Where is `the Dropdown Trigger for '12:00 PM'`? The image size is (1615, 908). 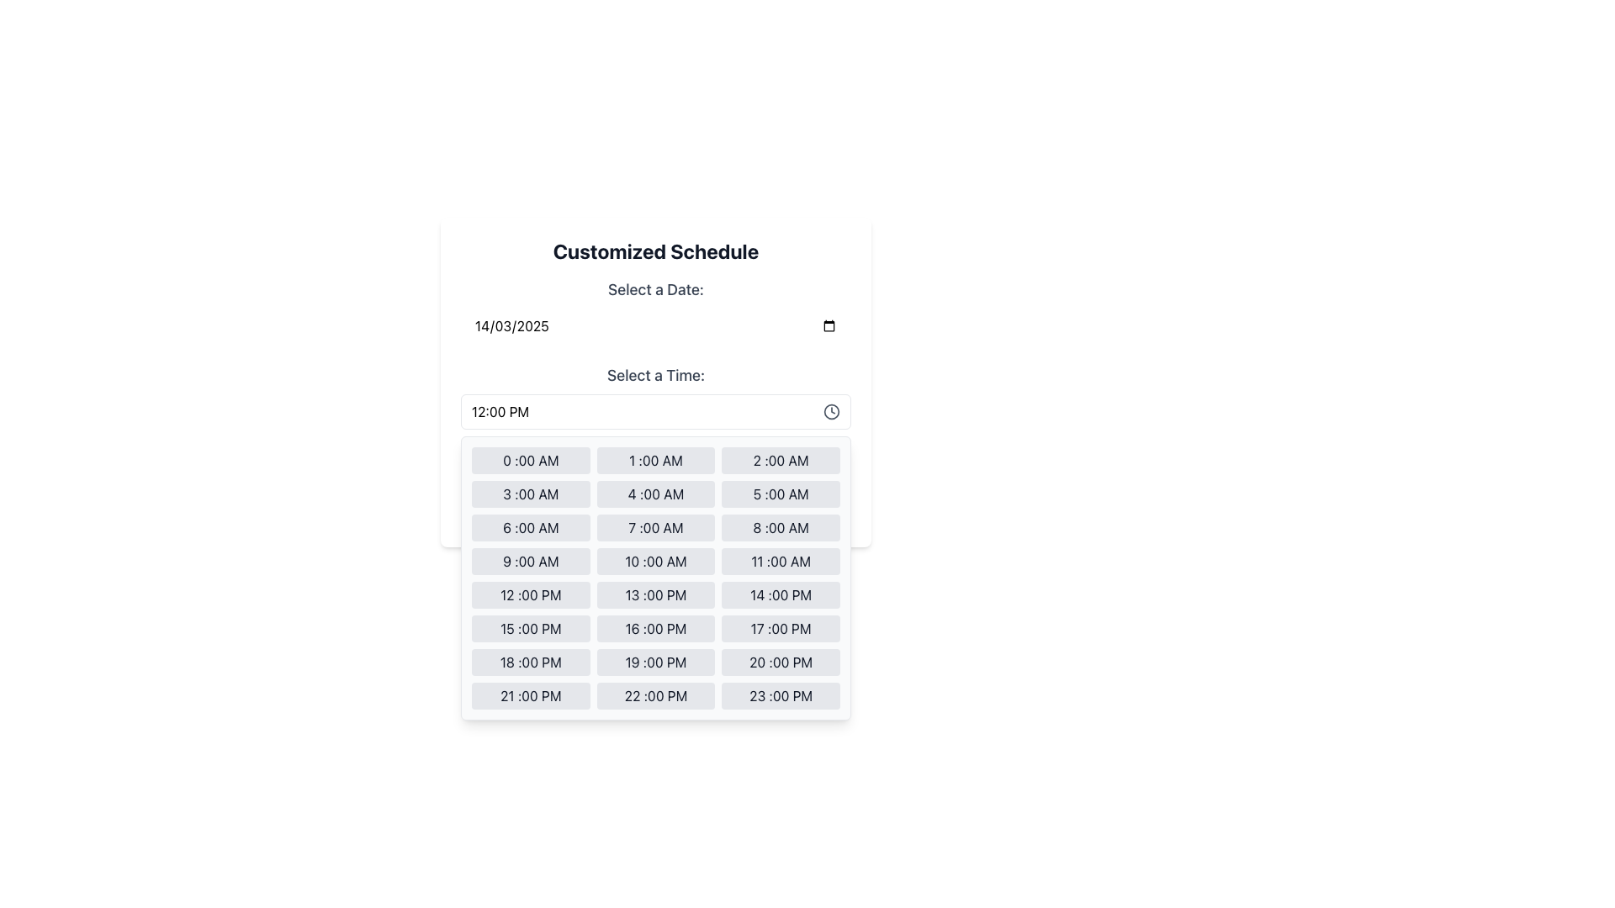
the Dropdown Trigger for '12:00 PM' is located at coordinates (654, 411).